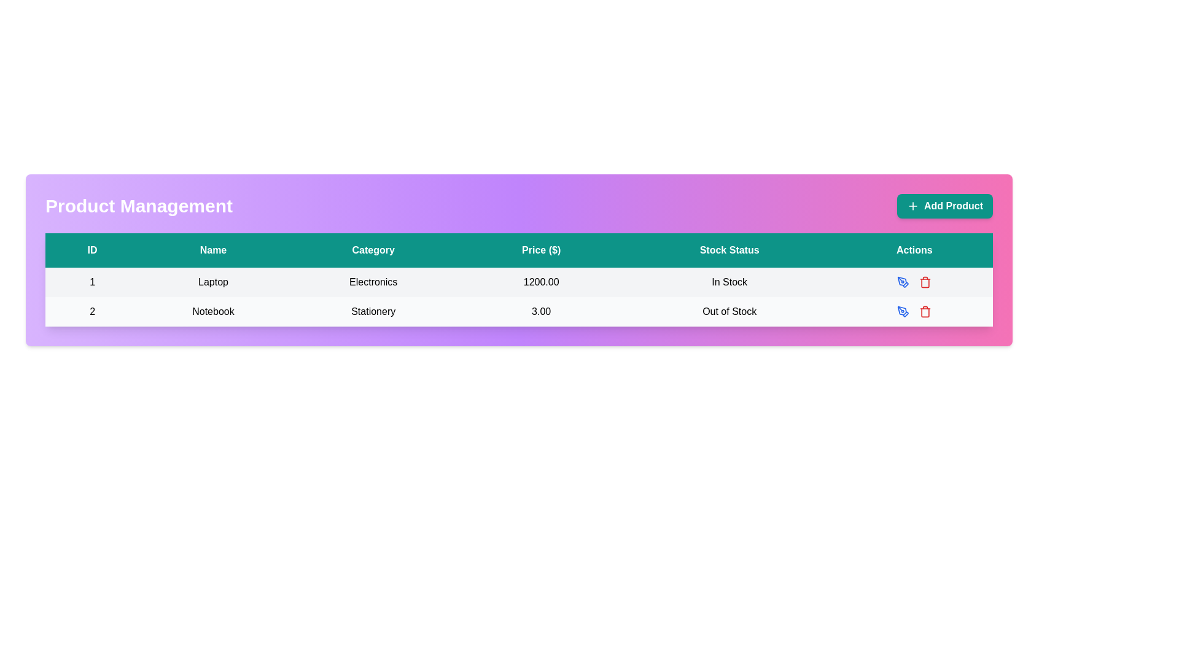 The height and width of the screenshot is (663, 1179). What do you see at coordinates (519, 311) in the screenshot?
I see `the second row of the product management table which contains ID '2', Name 'Notebook', Category 'Stationery', Price '3.00', and Stock Status 'Out of Stock'` at bounding box center [519, 311].